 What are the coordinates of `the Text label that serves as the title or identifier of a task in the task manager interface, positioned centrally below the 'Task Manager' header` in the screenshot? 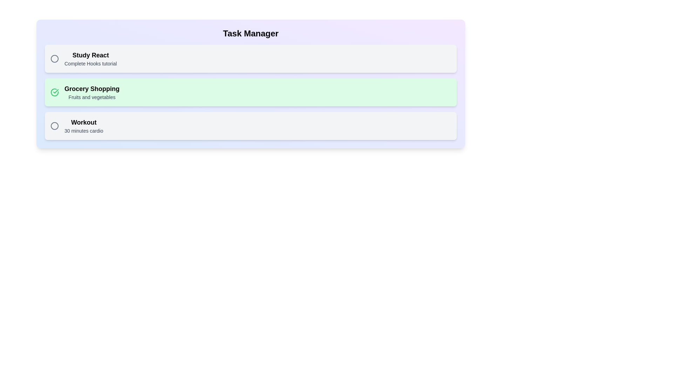 It's located at (91, 89).